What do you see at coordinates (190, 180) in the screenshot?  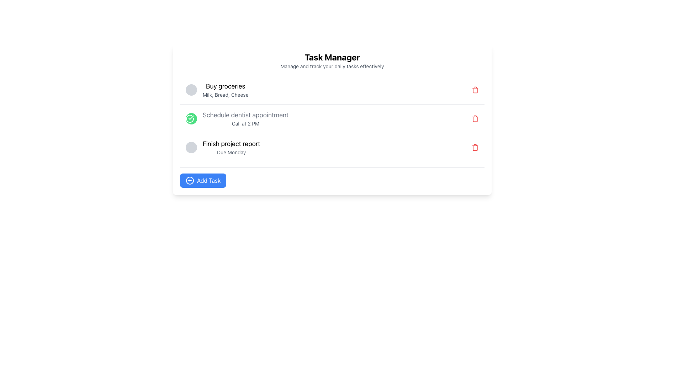 I see `the plus sign icon embedded within the 'Add Task' button` at bounding box center [190, 180].